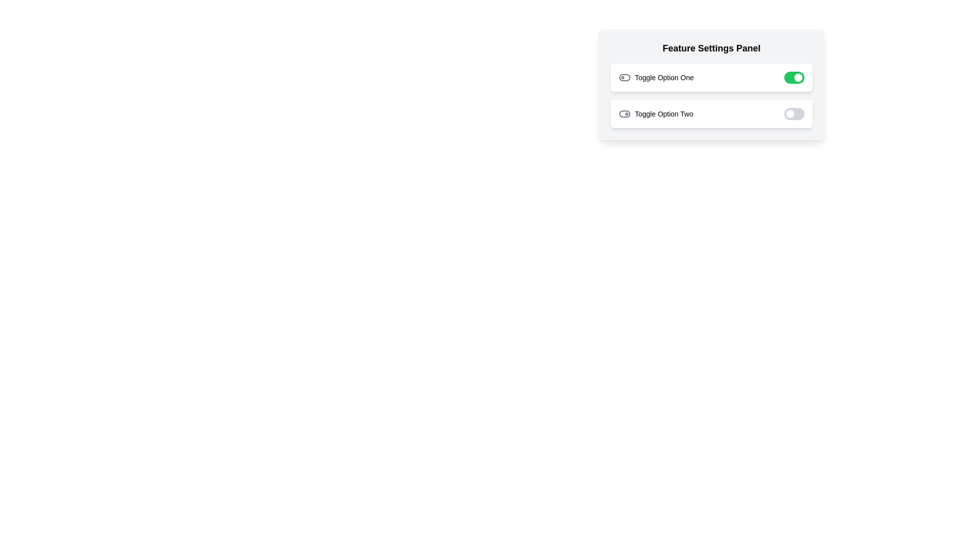 This screenshot has height=545, width=969. I want to click on the small, circular white toggle knob located at the end of the gray toggle switch in the 'Feature Settings Panel' labeled 'Toggle Option Two', so click(789, 114).